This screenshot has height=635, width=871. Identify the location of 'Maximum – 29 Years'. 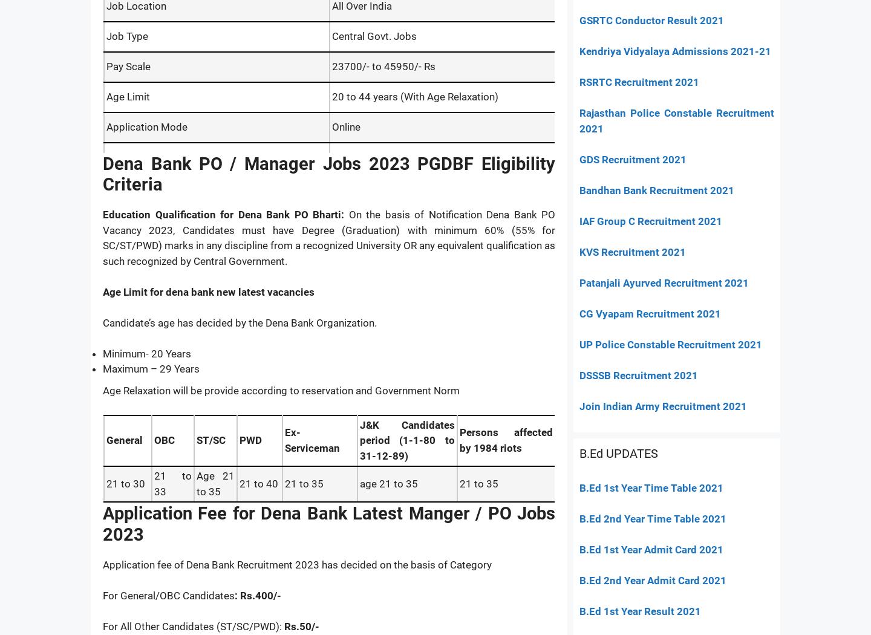
(102, 369).